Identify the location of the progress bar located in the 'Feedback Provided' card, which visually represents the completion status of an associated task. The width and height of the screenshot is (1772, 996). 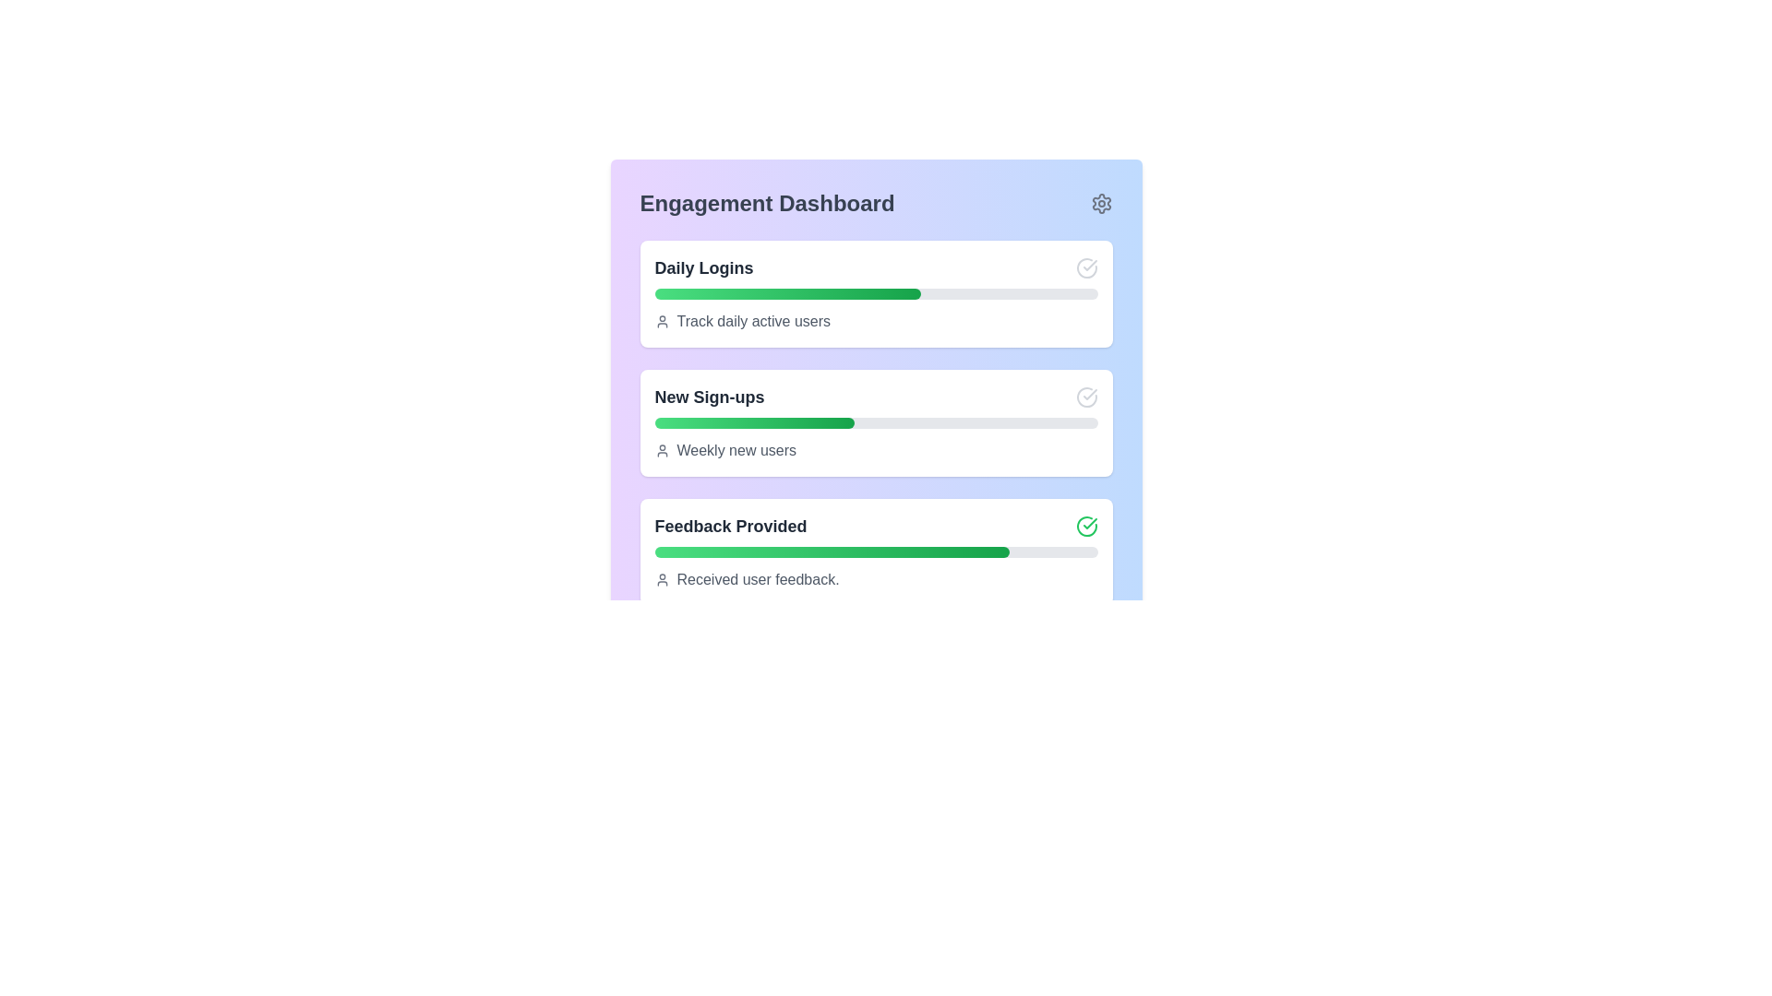
(831, 551).